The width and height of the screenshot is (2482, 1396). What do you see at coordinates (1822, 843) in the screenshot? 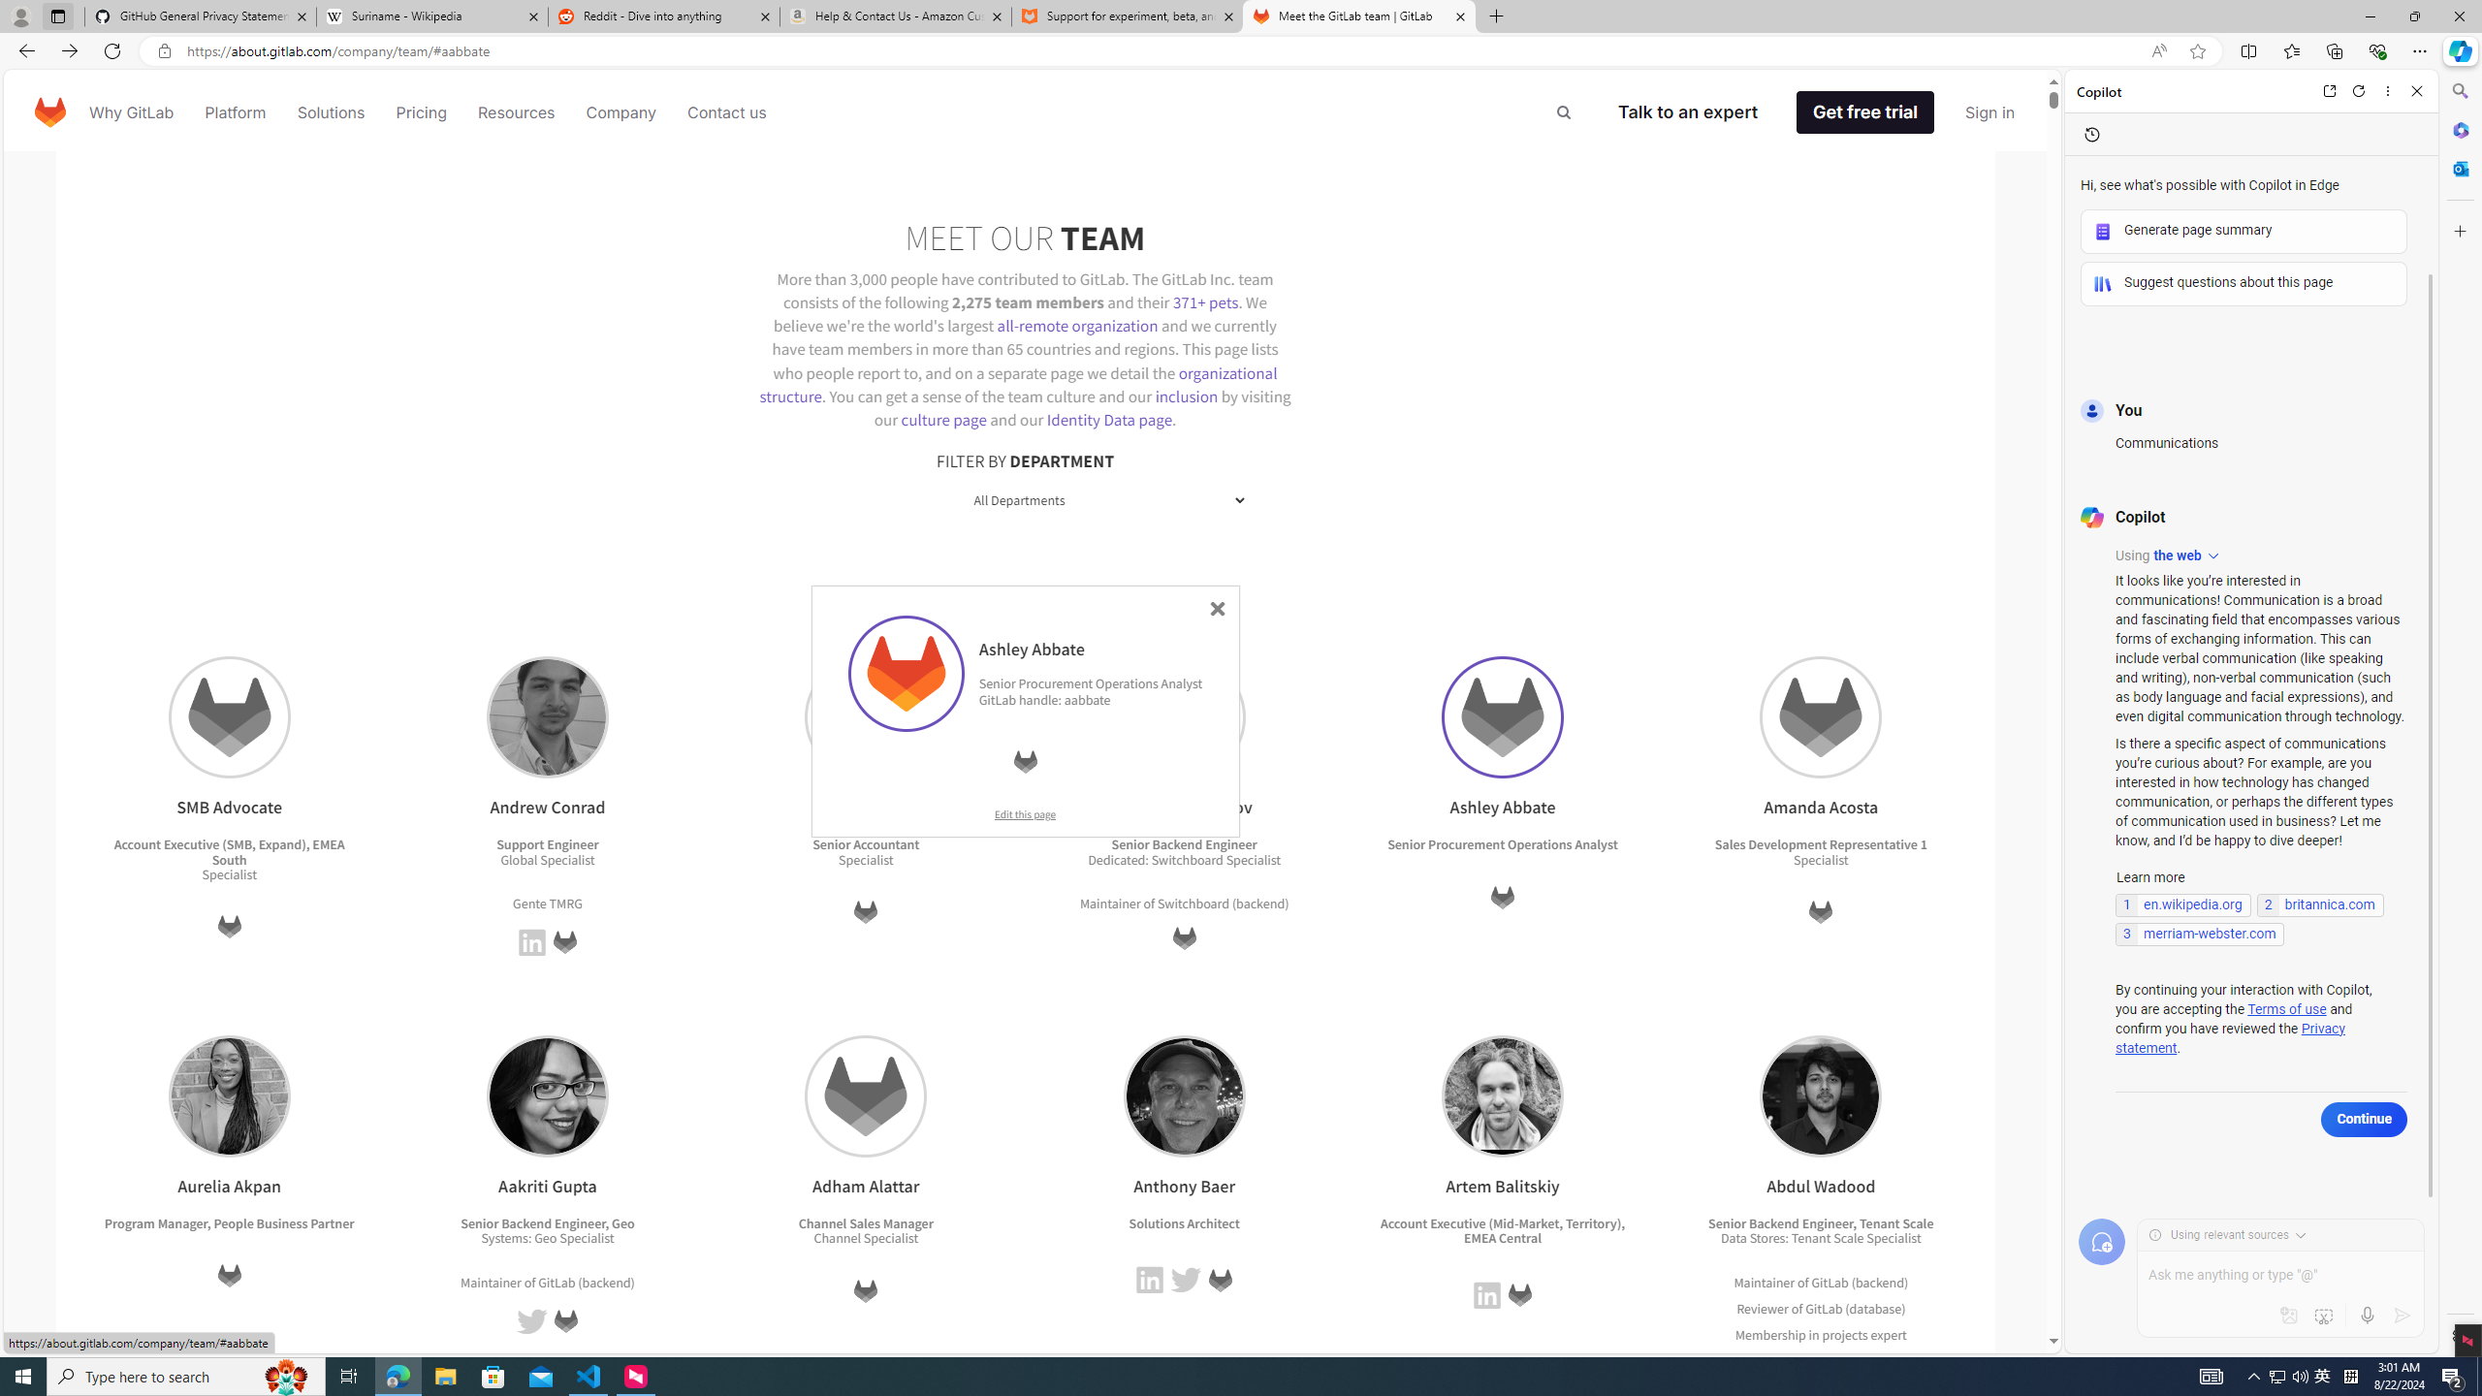
I see `'Sales Development Representative 1'` at bounding box center [1822, 843].